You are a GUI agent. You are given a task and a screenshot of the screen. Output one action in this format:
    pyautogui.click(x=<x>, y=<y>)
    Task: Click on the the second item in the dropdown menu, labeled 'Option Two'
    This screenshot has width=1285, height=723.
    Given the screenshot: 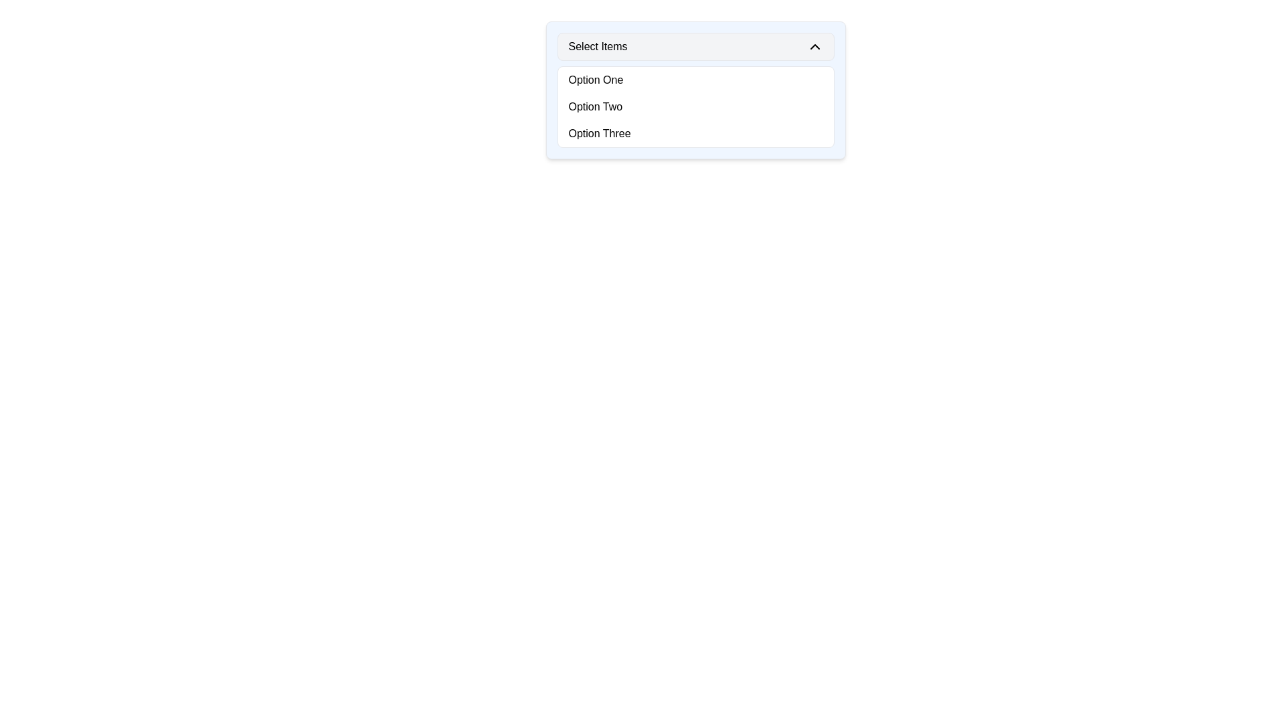 What is the action you would take?
    pyautogui.click(x=695, y=106)
    